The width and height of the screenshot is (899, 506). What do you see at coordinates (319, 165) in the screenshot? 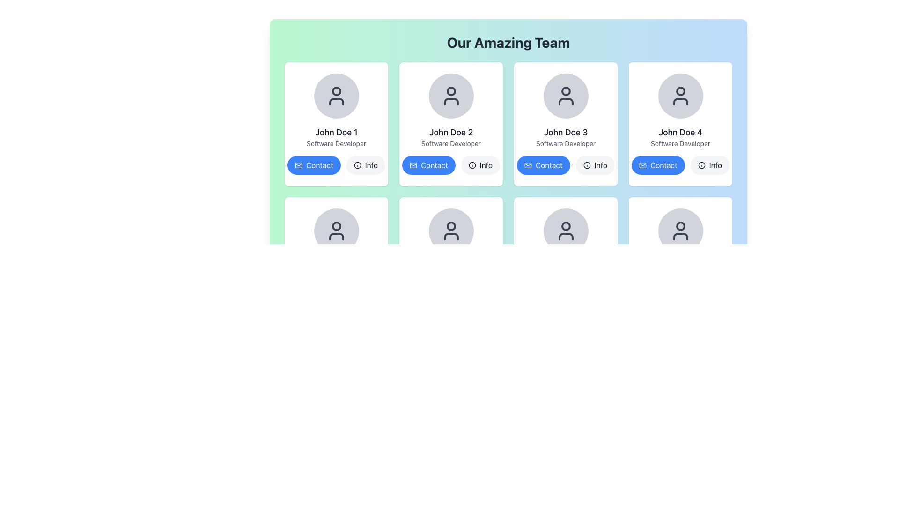
I see `the contact button for the profile labeled 'John Doe 1'` at bounding box center [319, 165].